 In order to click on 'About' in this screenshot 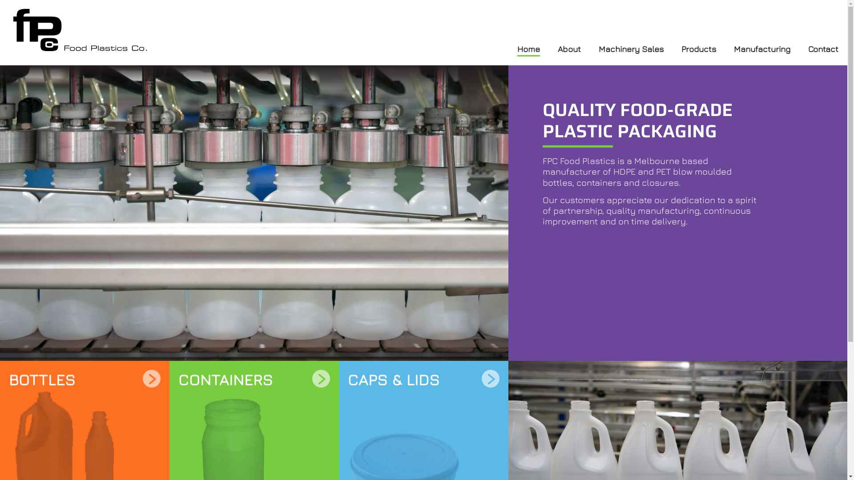, I will do `click(569, 49)`.